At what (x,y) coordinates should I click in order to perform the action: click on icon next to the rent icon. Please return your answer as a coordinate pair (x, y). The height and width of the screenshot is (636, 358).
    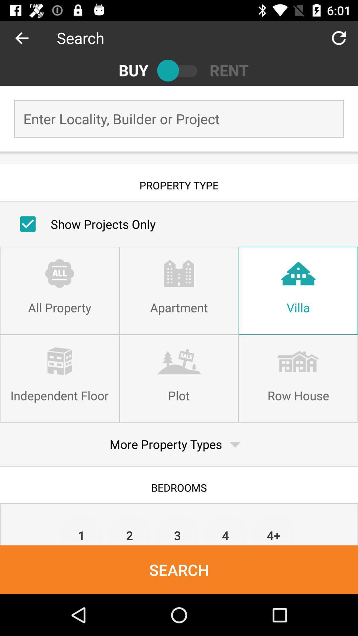
    Looking at the image, I should click on (179, 70).